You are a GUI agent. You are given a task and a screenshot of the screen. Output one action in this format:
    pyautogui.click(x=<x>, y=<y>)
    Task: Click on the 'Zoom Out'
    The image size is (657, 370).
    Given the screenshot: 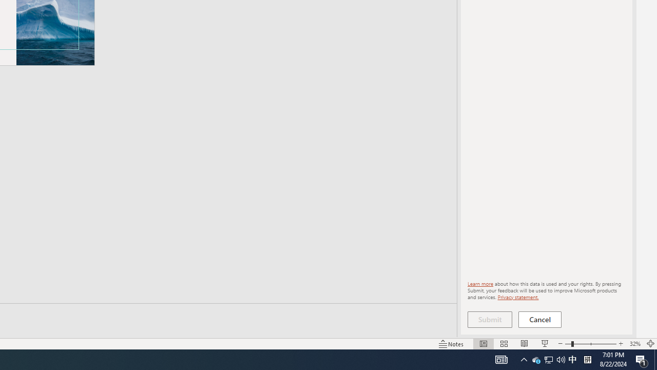 What is the action you would take?
    pyautogui.click(x=568, y=344)
    